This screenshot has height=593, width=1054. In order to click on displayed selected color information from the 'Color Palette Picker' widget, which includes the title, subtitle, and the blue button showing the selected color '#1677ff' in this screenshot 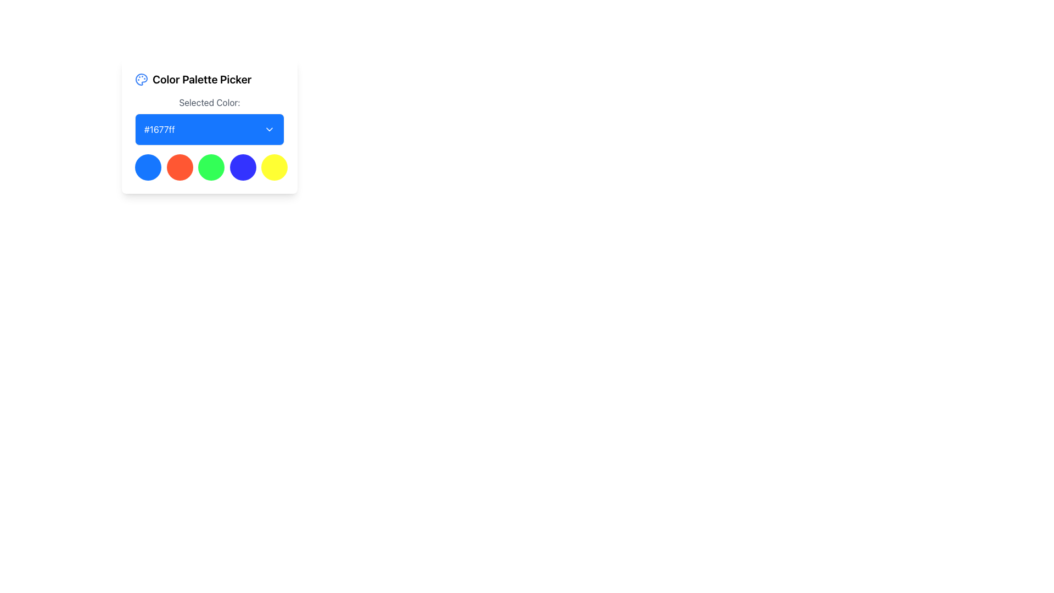, I will do `click(210, 126)`.